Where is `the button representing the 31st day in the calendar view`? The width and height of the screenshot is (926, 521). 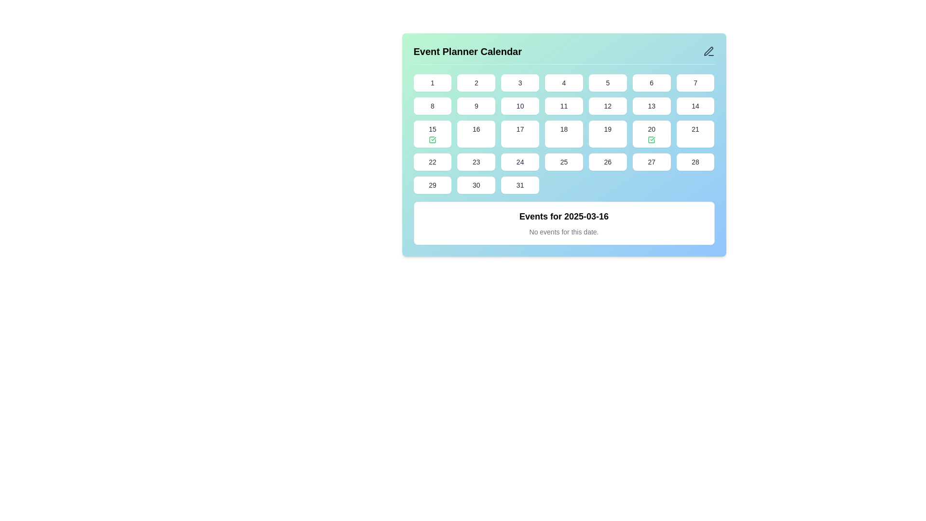 the button representing the 31st day in the calendar view is located at coordinates (519, 185).